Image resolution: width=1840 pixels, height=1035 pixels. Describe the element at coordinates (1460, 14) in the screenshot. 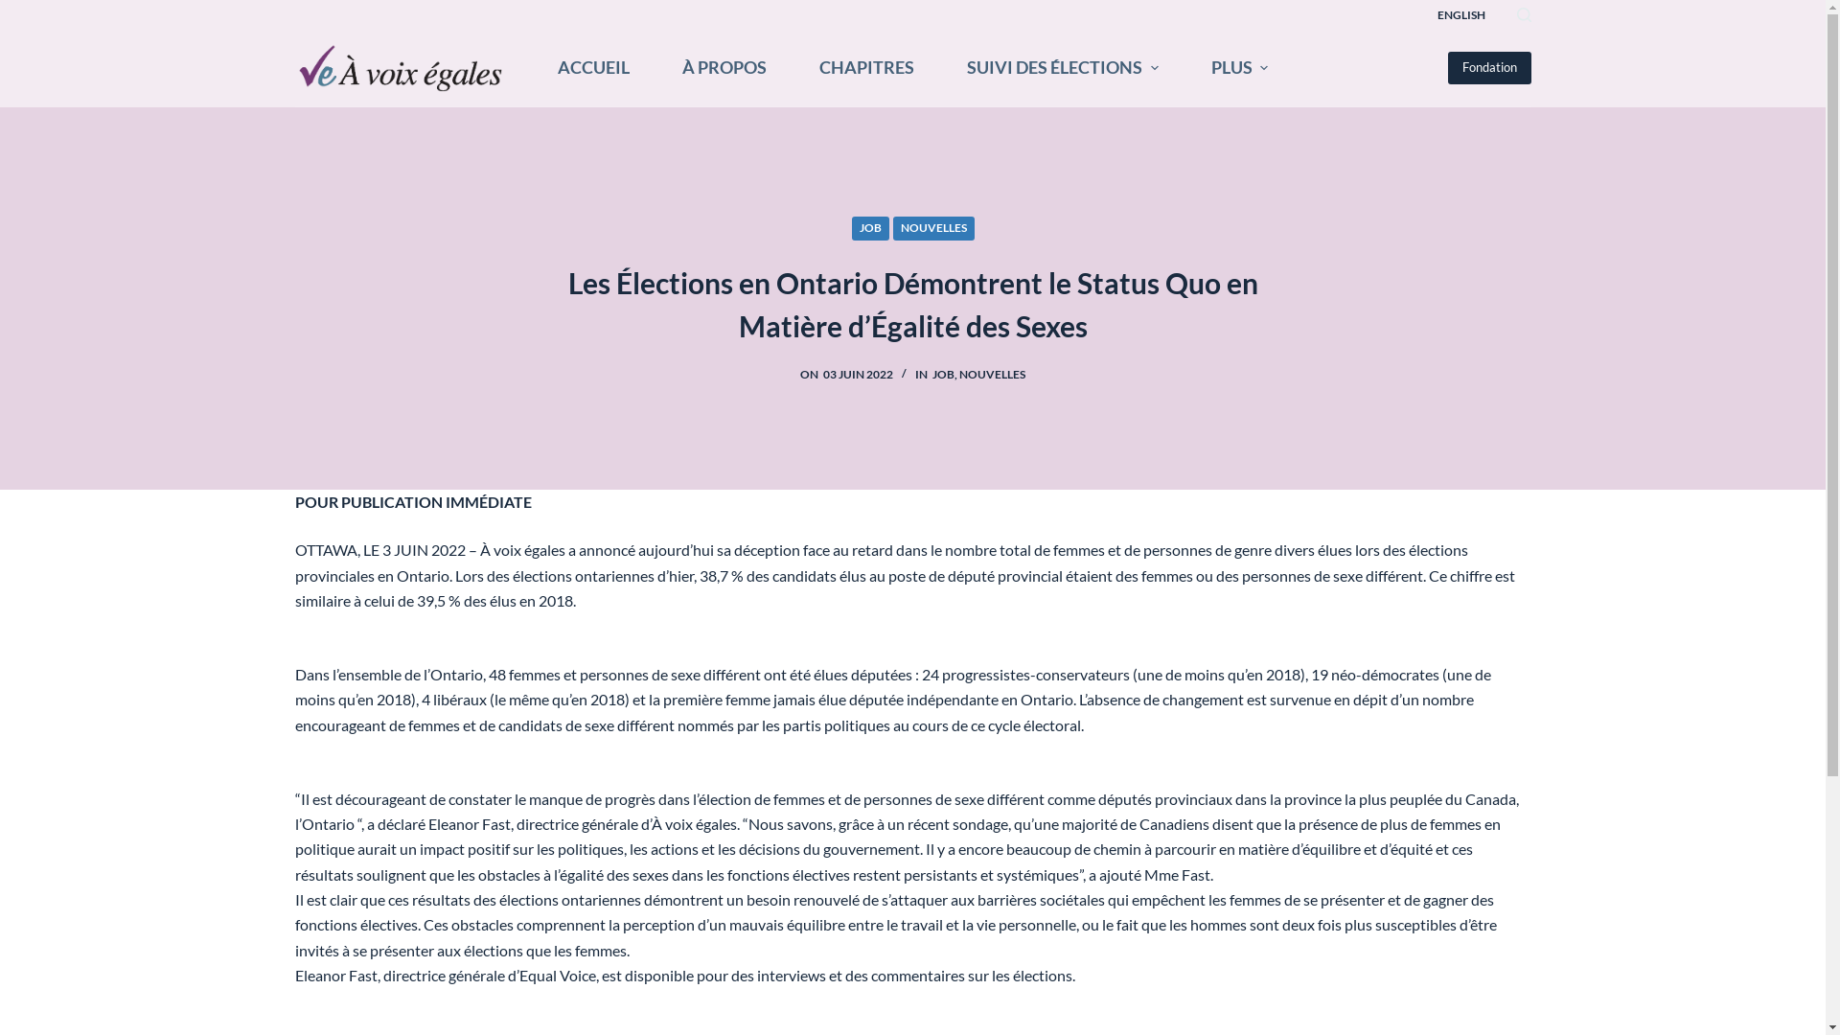

I see `'ENGLISH'` at that location.